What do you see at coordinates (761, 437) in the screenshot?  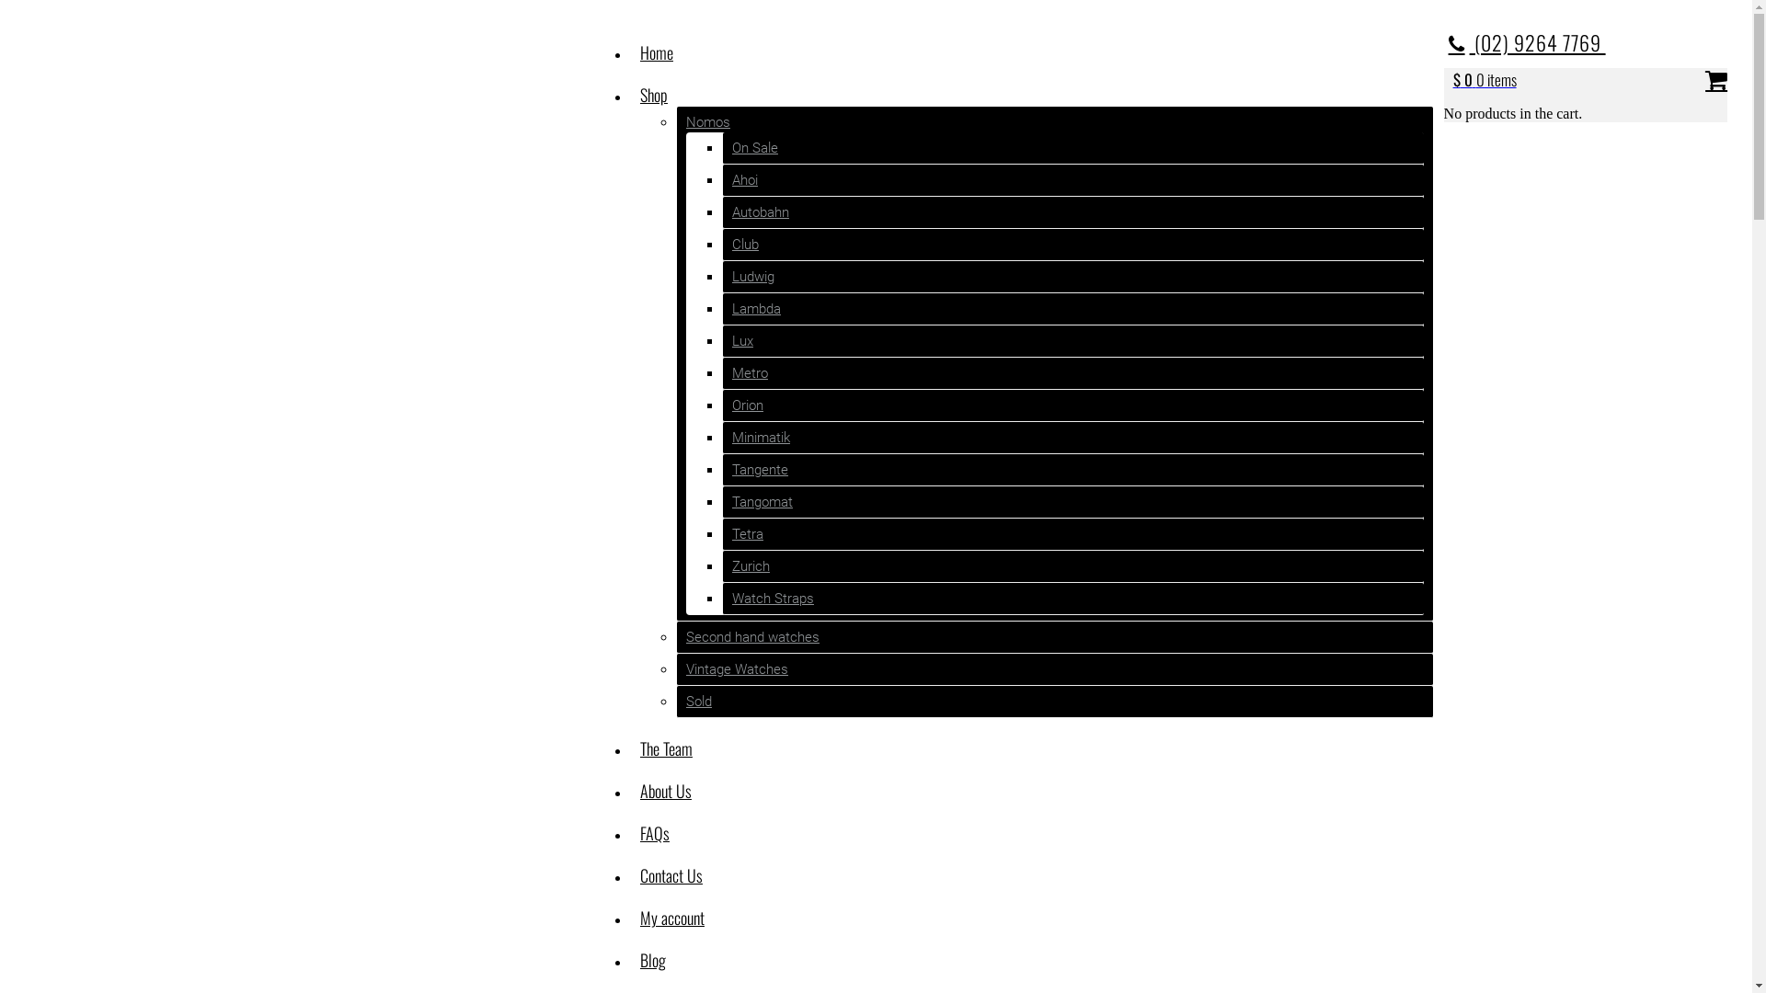 I see `'Minimatik'` at bounding box center [761, 437].